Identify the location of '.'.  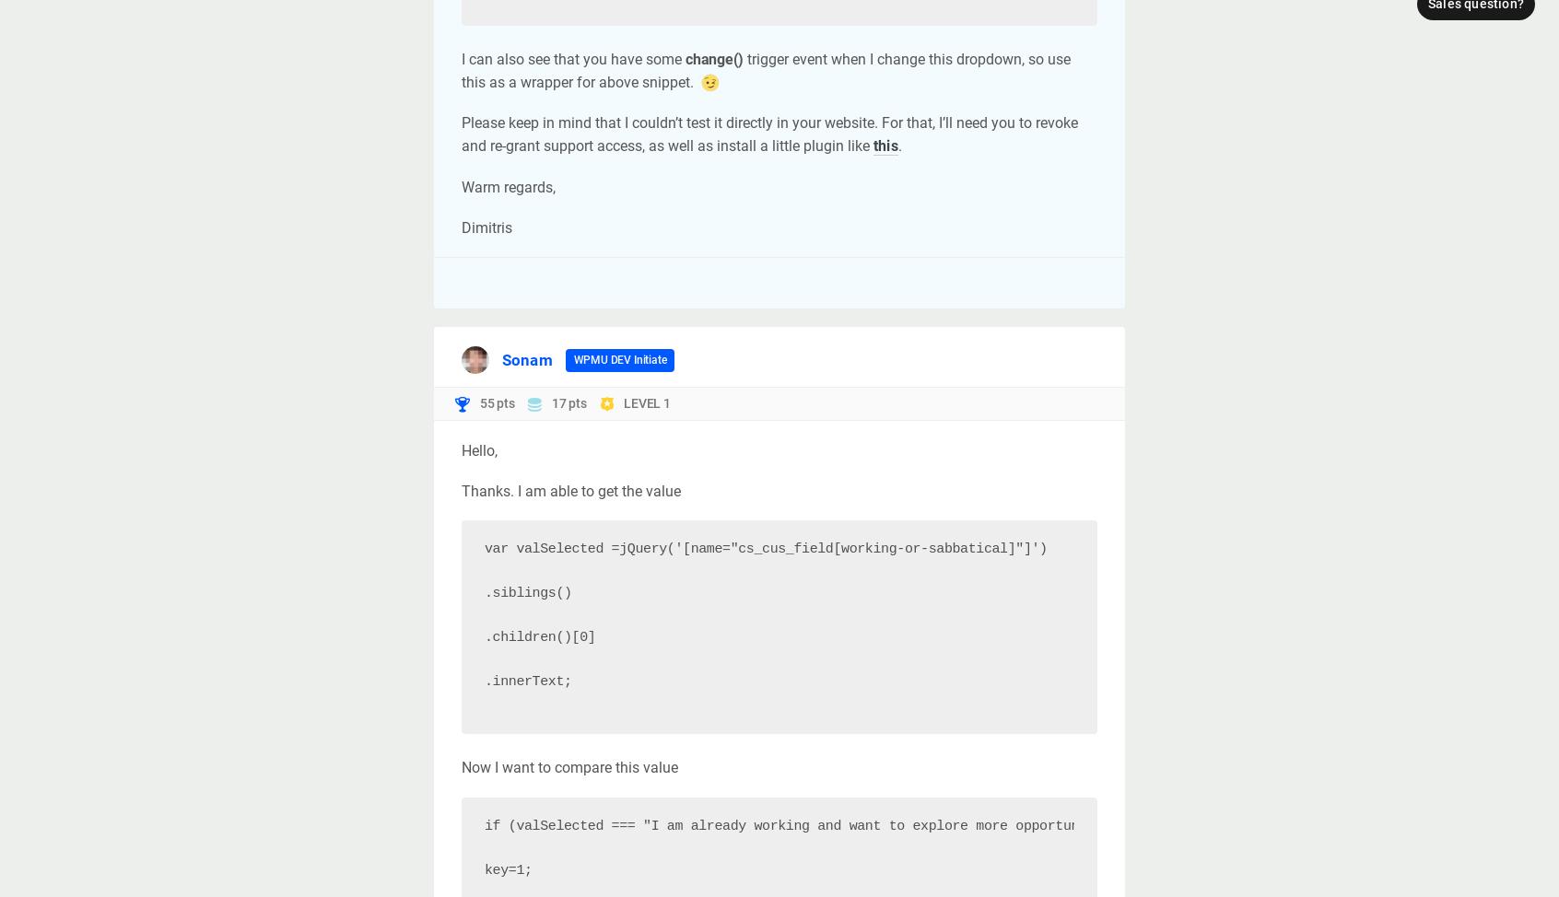
(898, 145).